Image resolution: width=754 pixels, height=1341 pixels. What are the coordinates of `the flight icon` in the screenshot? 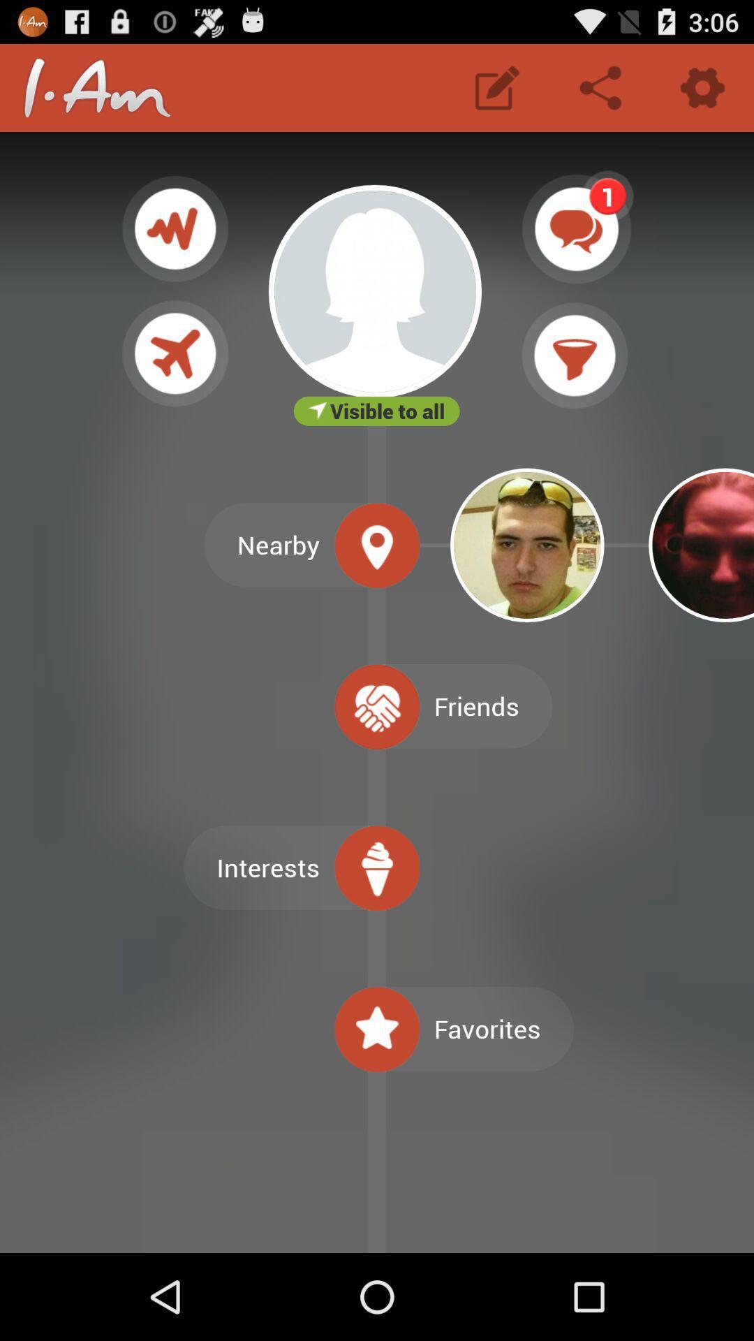 It's located at (175, 378).